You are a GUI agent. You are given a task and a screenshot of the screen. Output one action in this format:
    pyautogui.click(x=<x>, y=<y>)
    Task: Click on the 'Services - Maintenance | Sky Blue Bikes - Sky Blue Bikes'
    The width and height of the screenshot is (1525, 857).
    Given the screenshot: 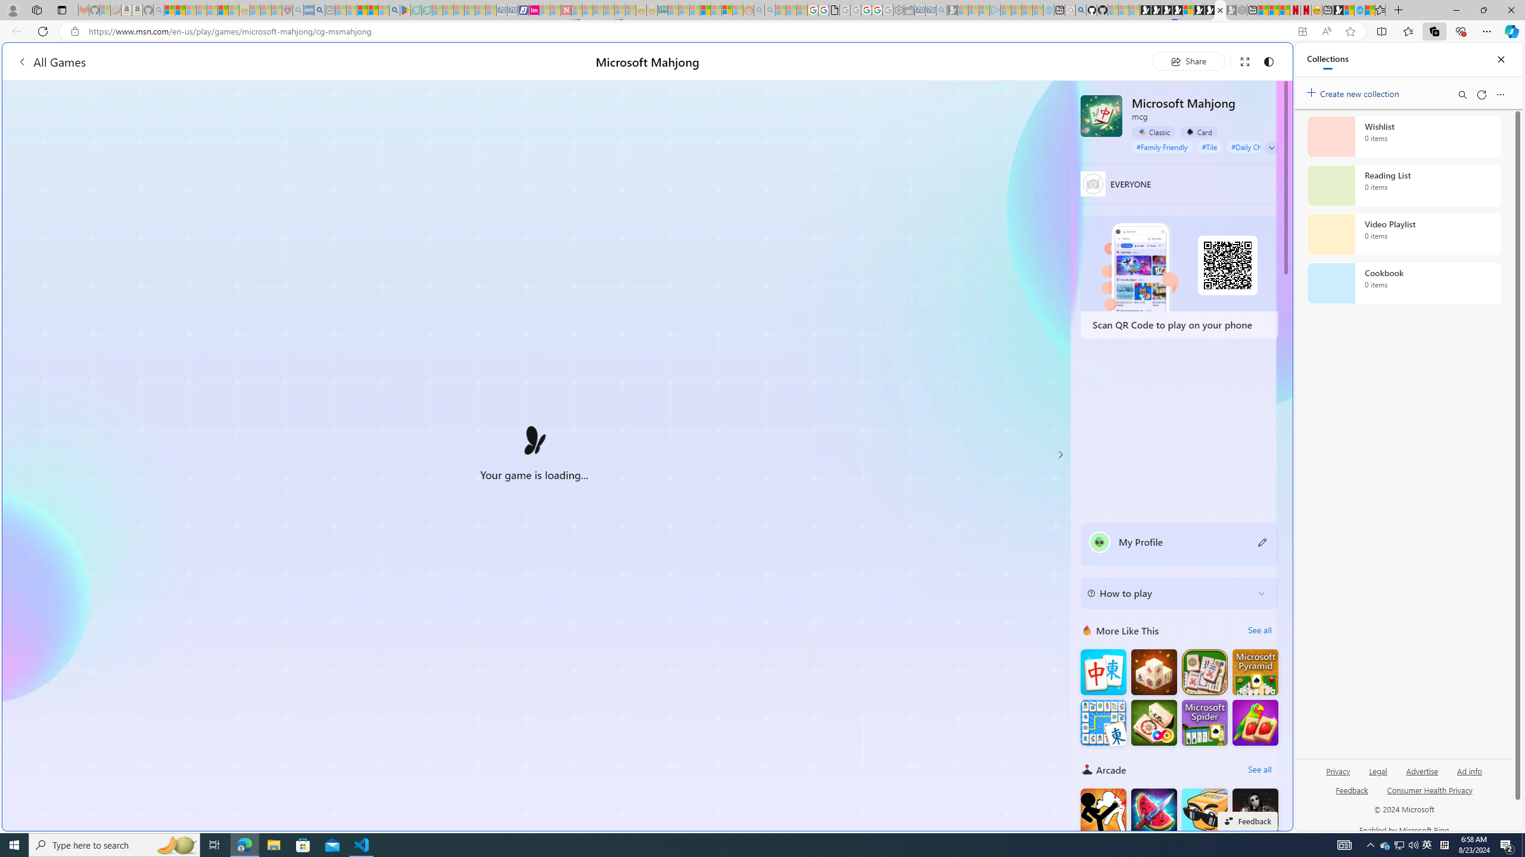 What is the action you would take?
    pyautogui.click(x=1359, y=10)
    